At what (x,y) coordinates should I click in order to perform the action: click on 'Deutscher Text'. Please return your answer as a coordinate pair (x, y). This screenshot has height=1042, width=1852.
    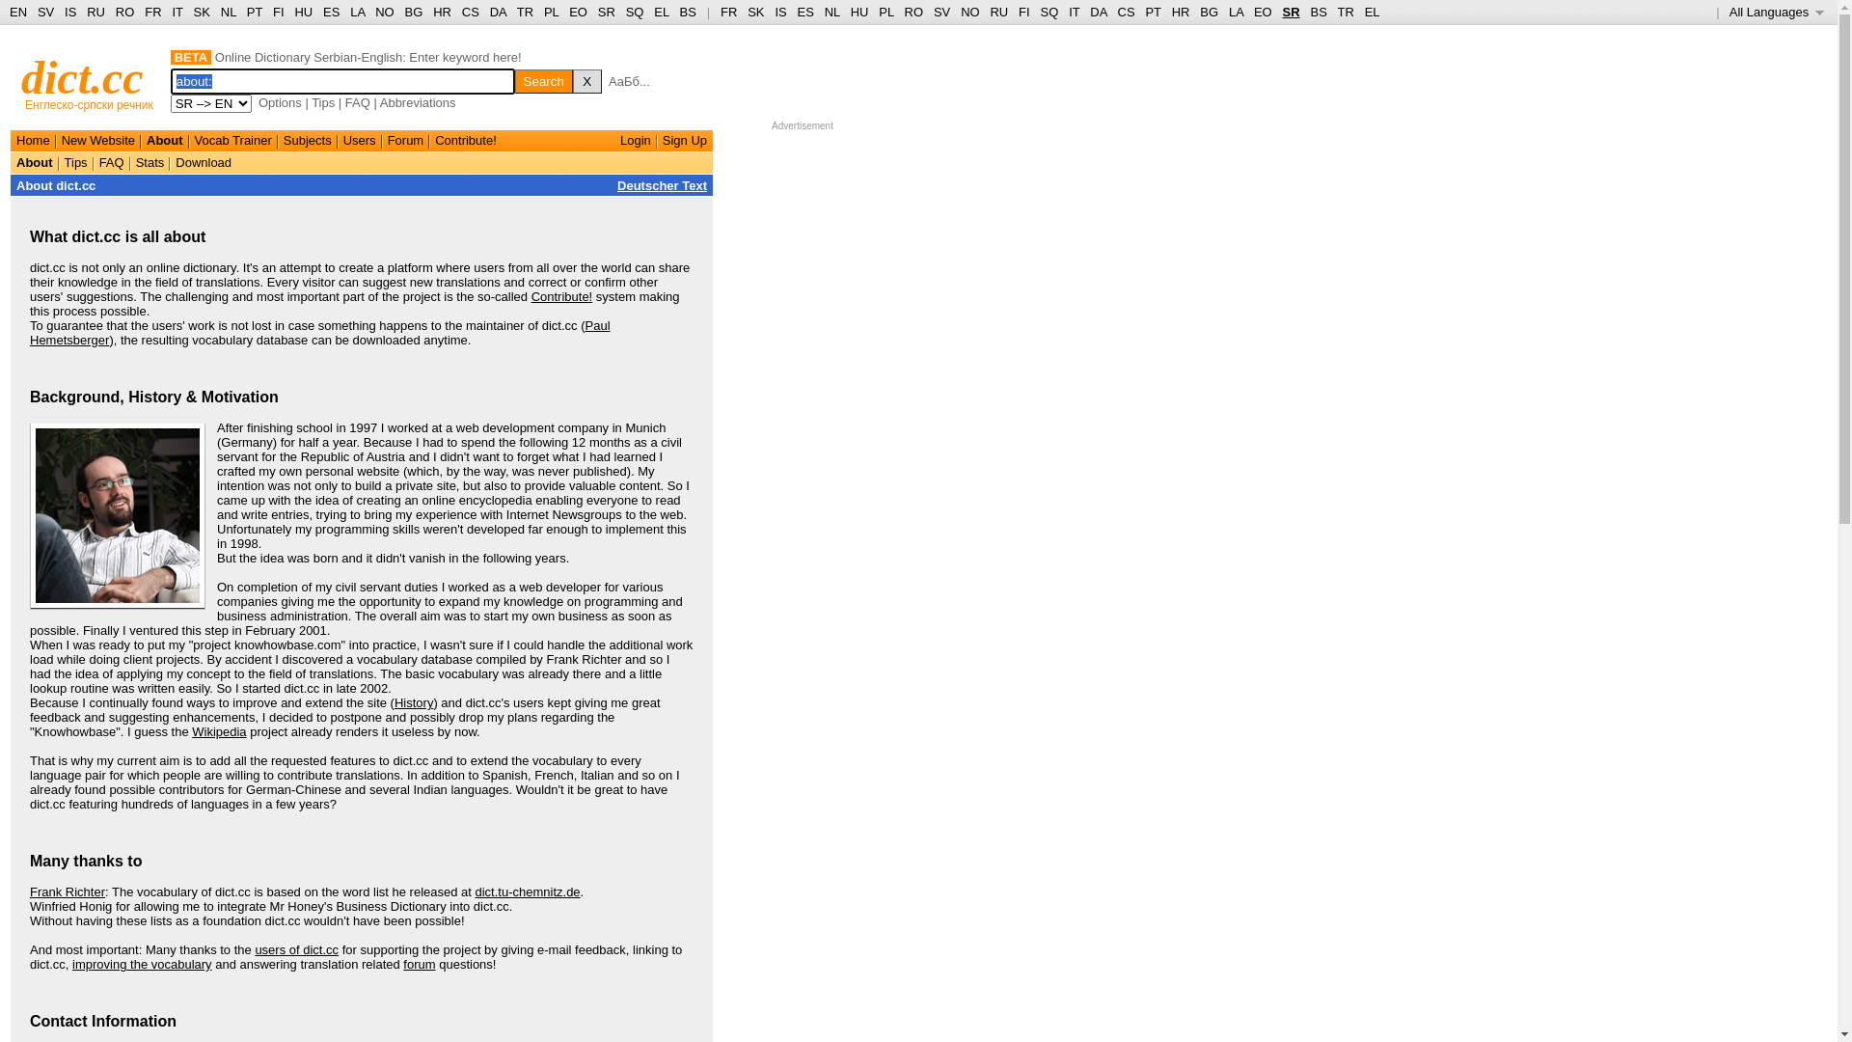
    Looking at the image, I should click on (662, 184).